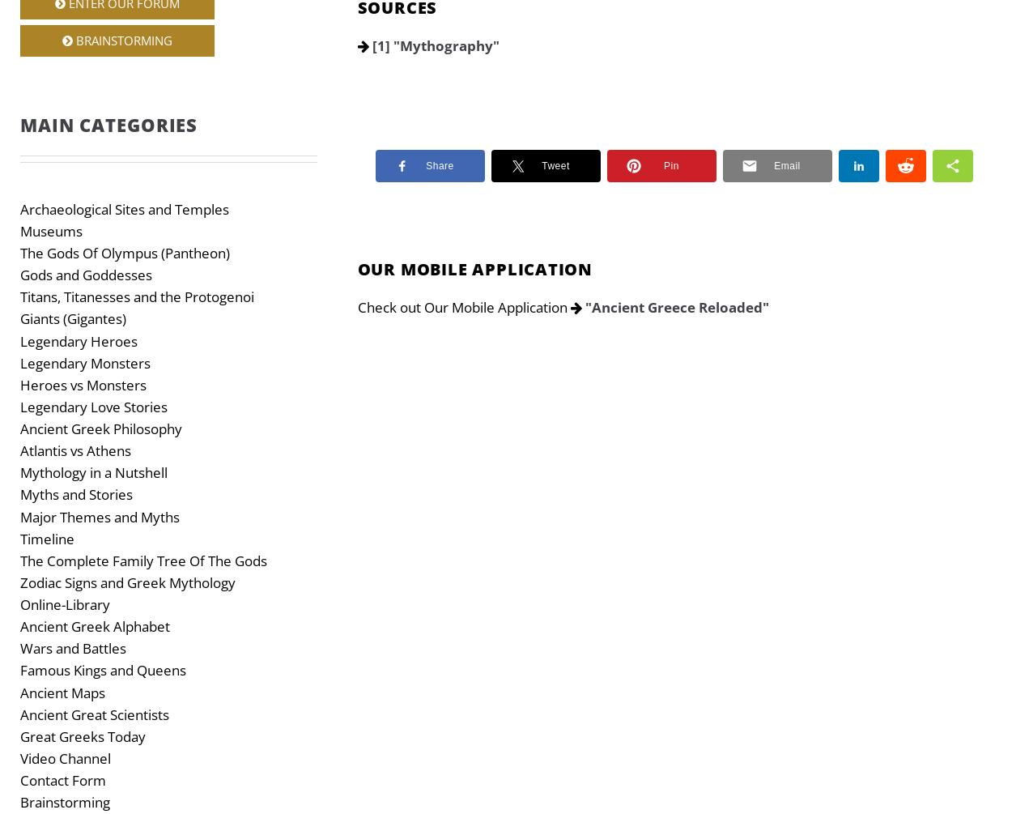  Describe the element at coordinates (125, 252) in the screenshot. I see `'The Gods Of Olympus (Pantheon)'` at that location.